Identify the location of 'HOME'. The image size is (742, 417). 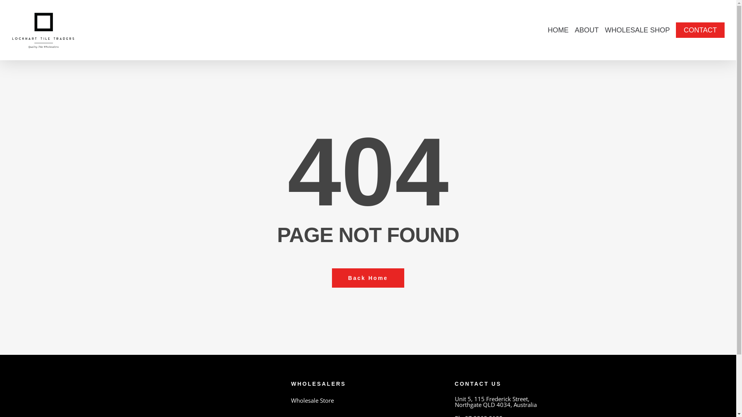
(558, 29).